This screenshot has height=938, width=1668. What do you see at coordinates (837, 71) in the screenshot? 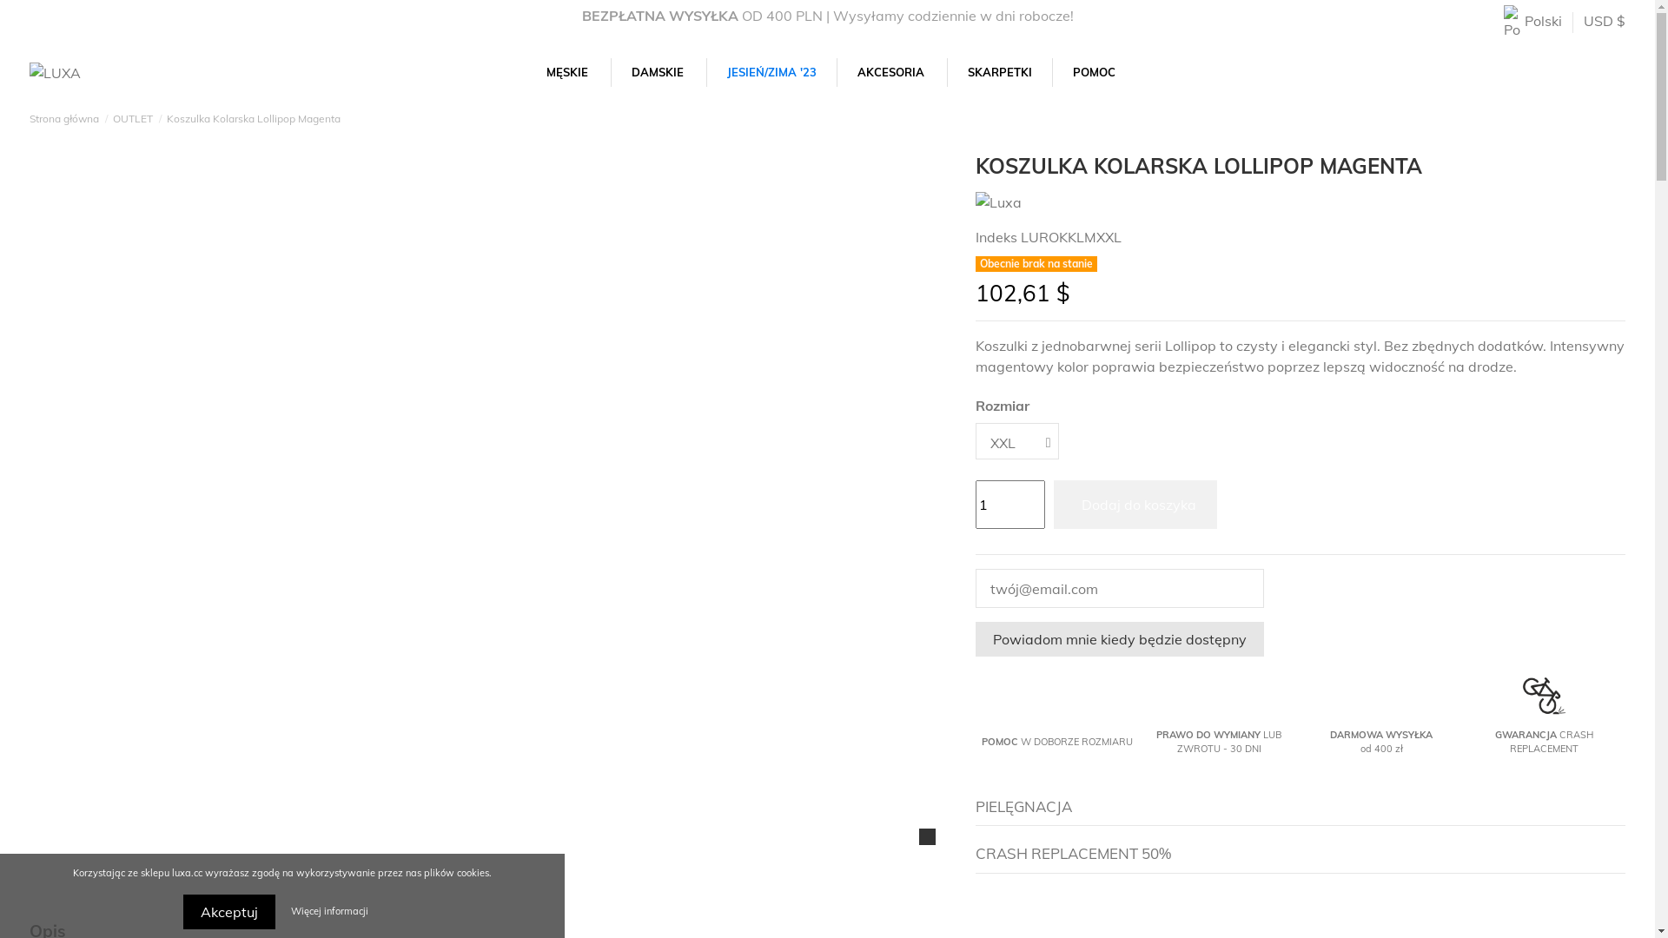
I see `'AKCESORIA'` at bounding box center [837, 71].